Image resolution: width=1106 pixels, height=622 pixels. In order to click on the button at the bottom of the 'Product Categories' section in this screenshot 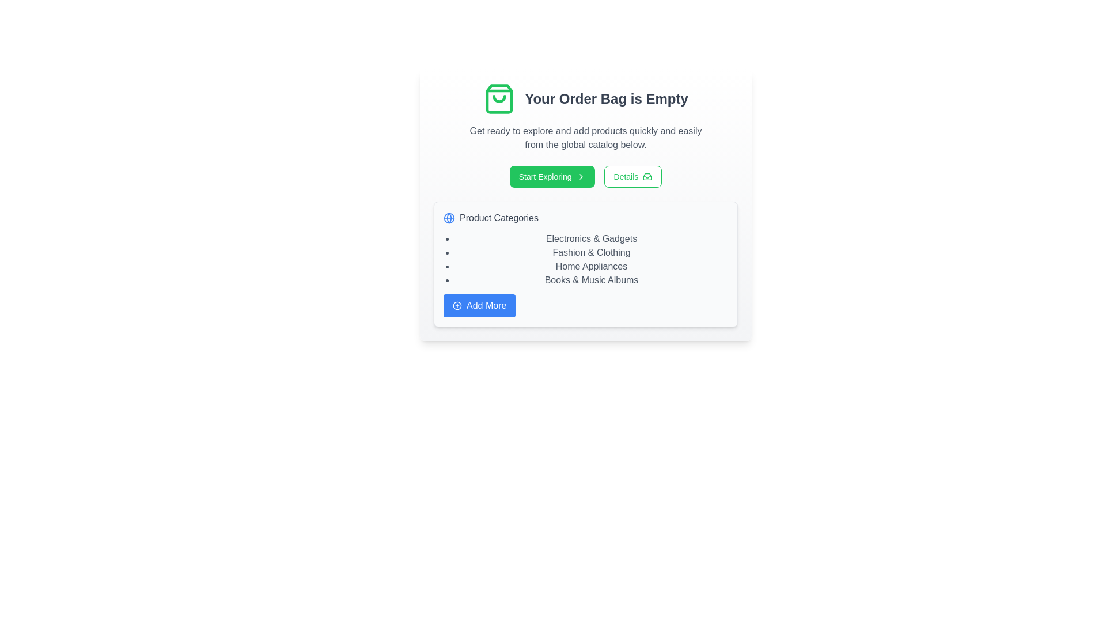, I will do `click(479, 305)`.